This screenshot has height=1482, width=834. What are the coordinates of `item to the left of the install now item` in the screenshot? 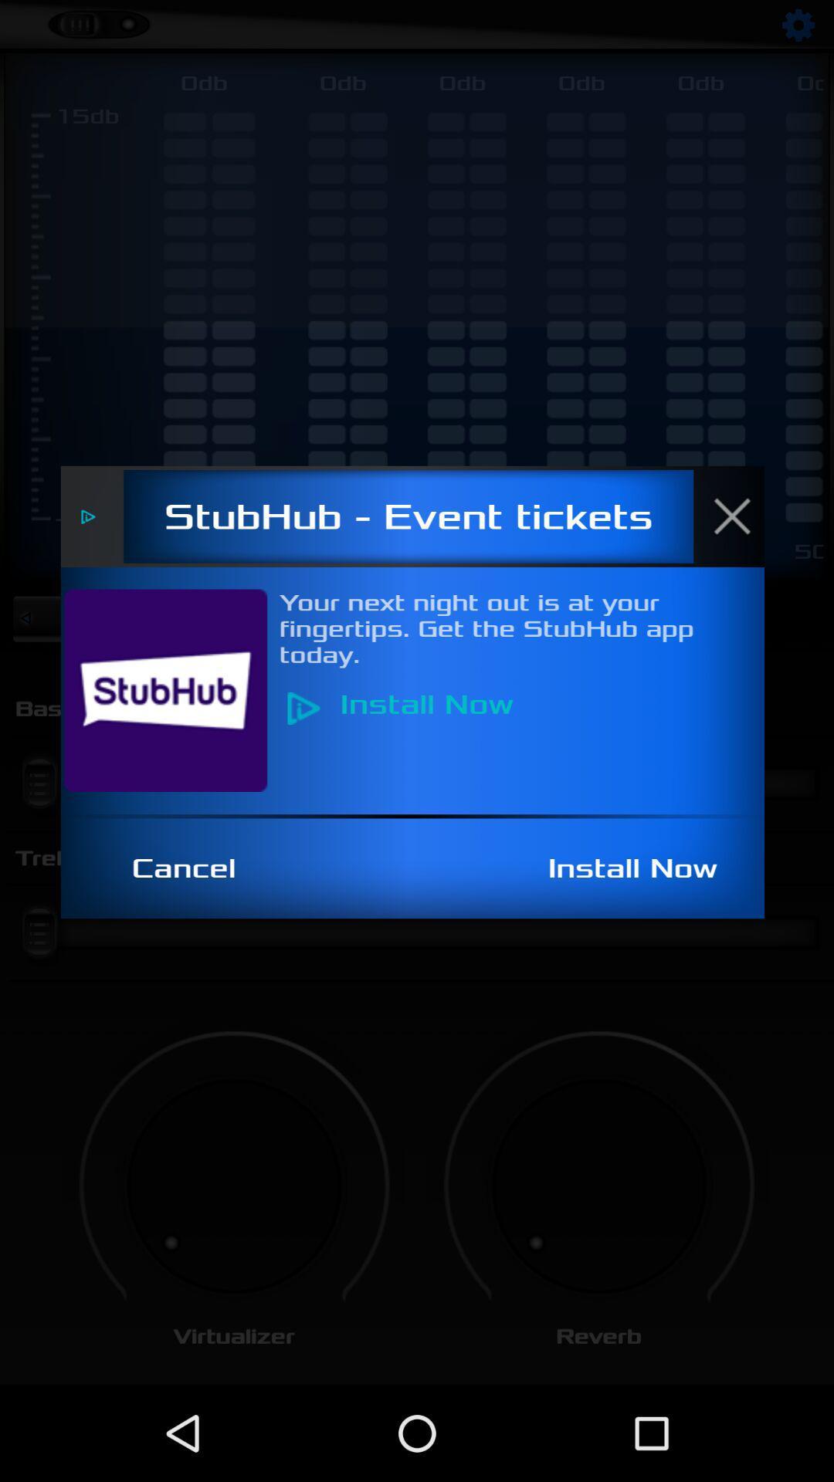 It's located at (192, 868).